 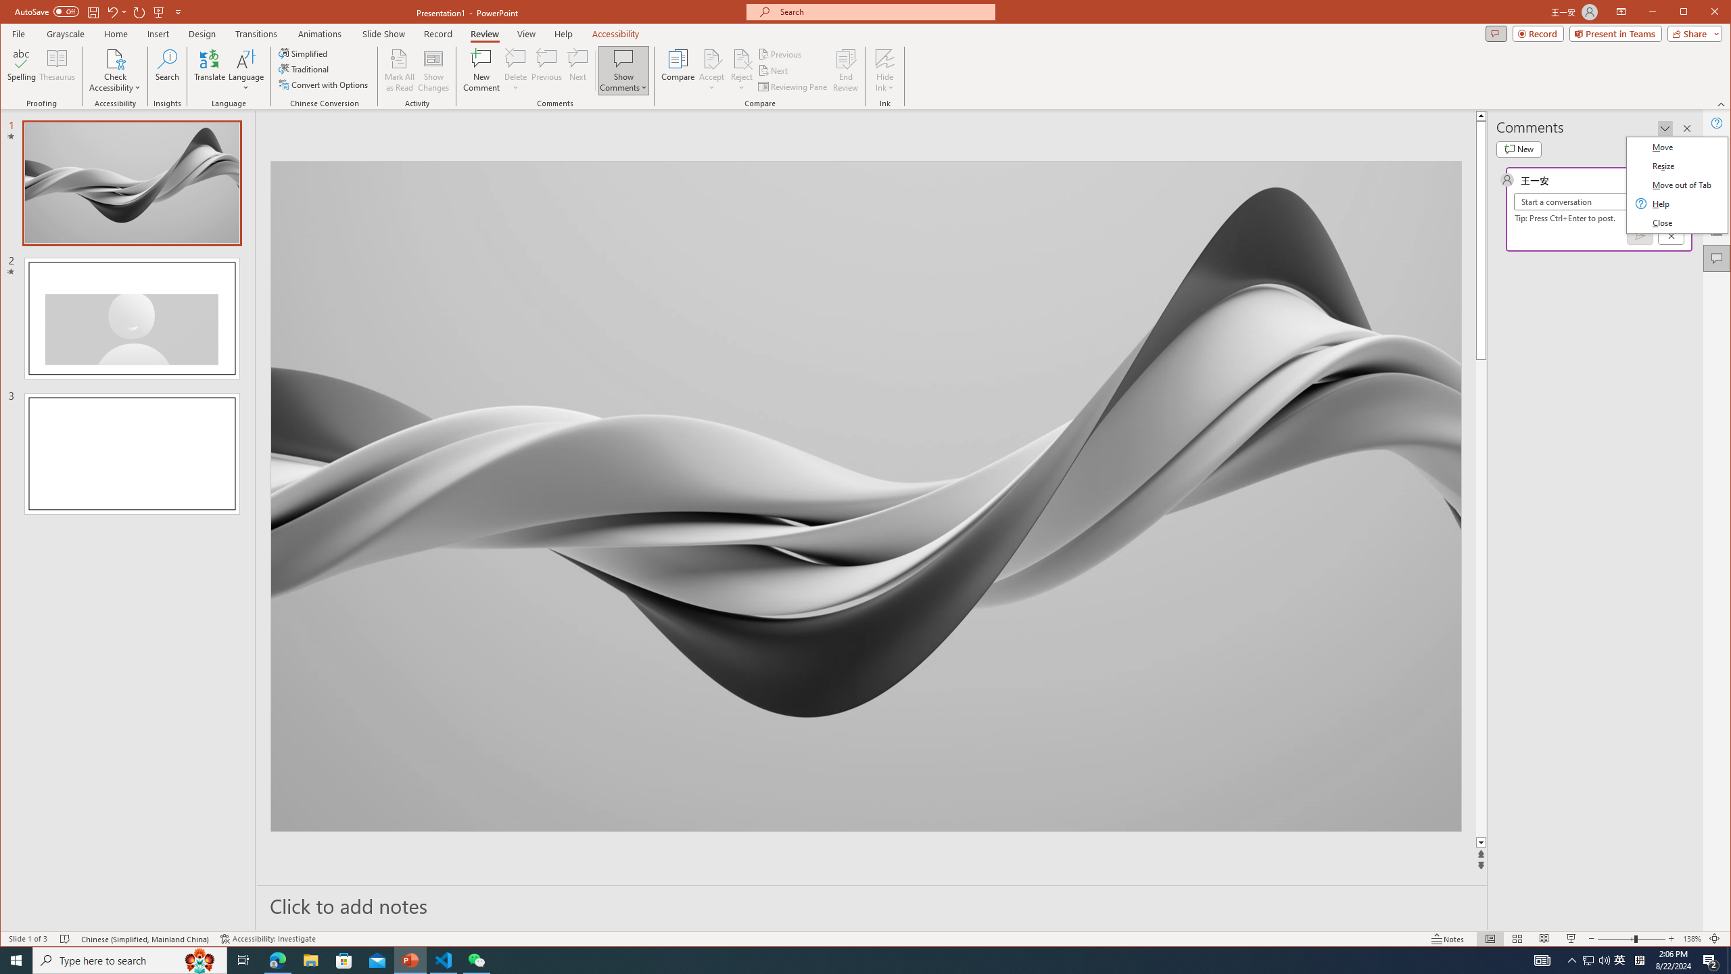 What do you see at coordinates (1631, 938) in the screenshot?
I see `'Zoom'` at bounding box center [1631, 938].